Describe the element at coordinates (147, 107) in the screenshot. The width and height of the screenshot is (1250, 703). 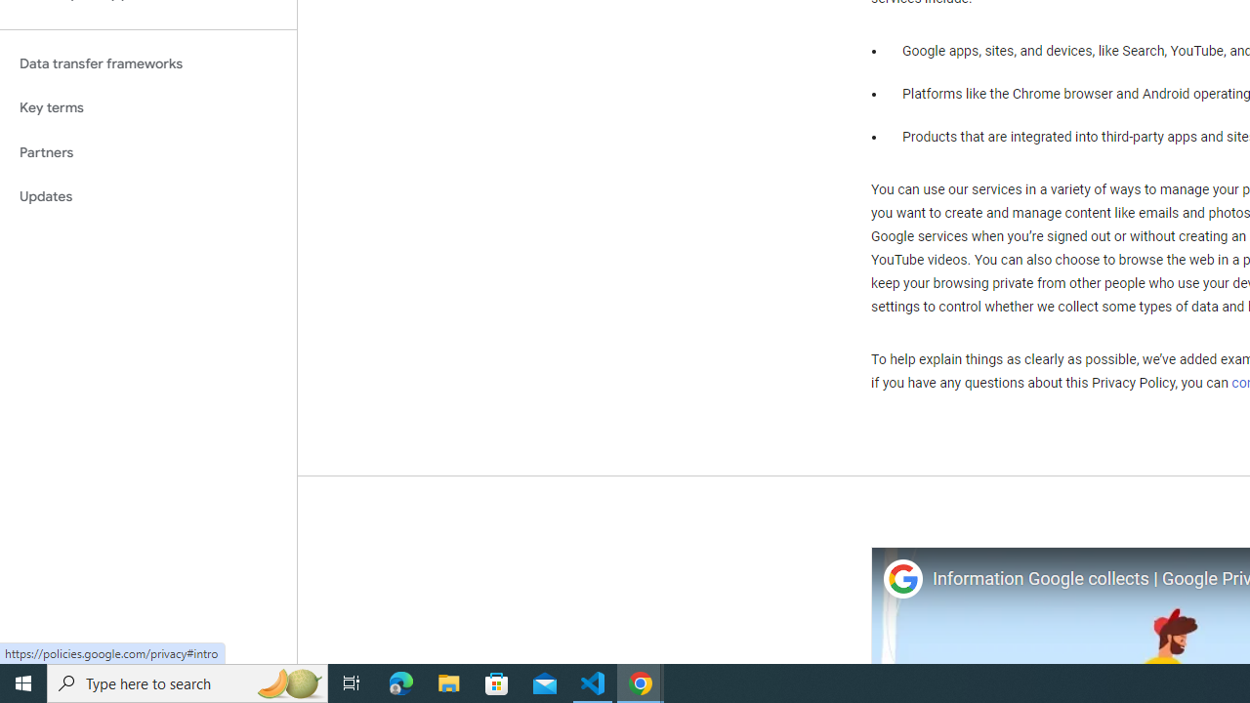
I see `'Key terms'` at that location.